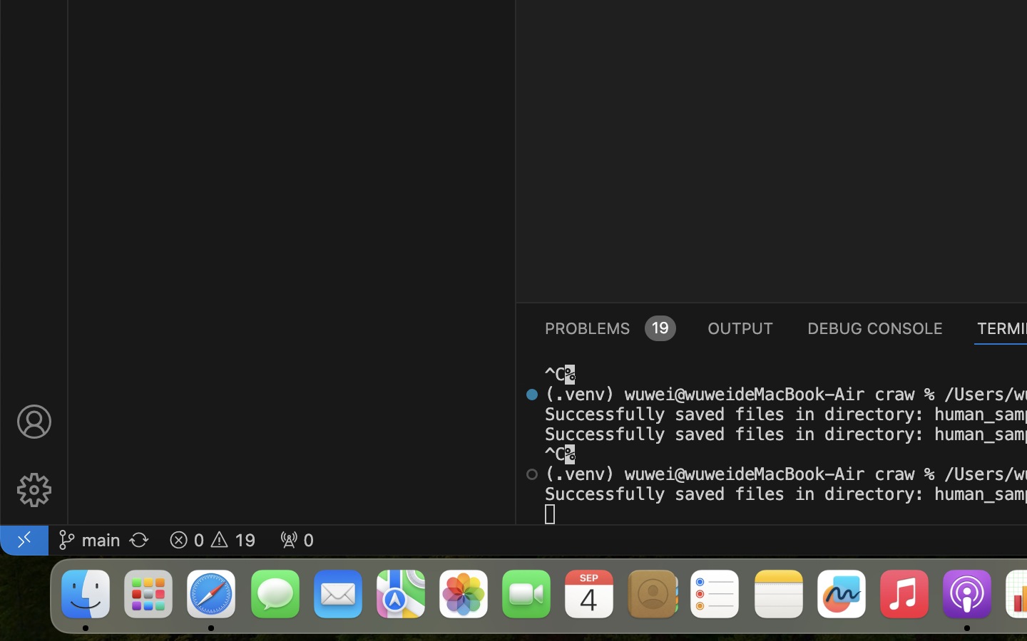 This screenshot has width=1027, height=641. I want to click on ' 0', so click(296, 538).